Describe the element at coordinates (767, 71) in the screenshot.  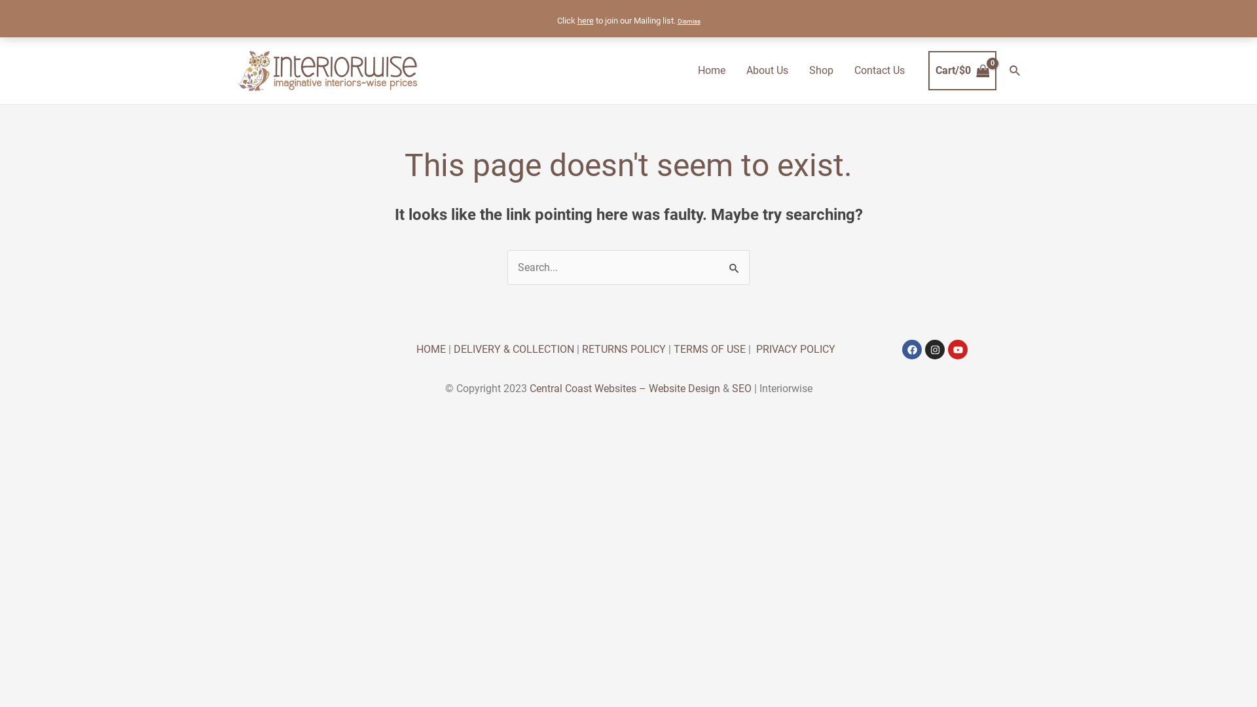
I see `'About Us'` at that location.